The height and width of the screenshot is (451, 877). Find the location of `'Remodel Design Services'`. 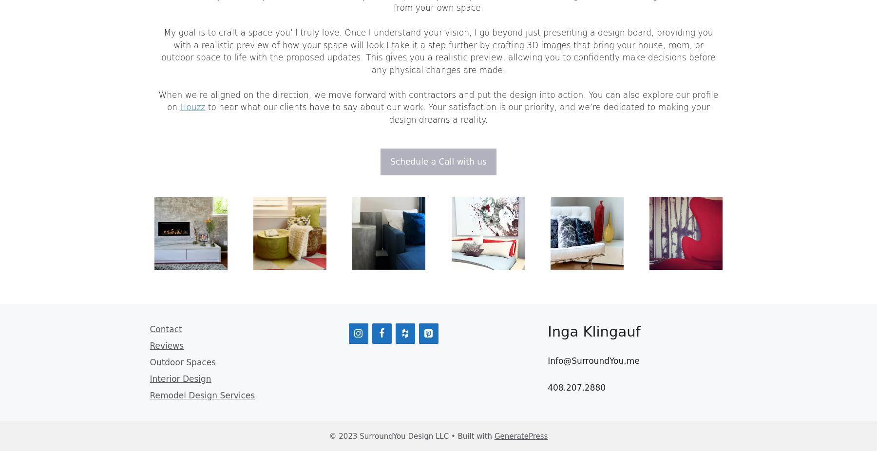

'Remodel Design Services' is located at coordinates (202, 395).